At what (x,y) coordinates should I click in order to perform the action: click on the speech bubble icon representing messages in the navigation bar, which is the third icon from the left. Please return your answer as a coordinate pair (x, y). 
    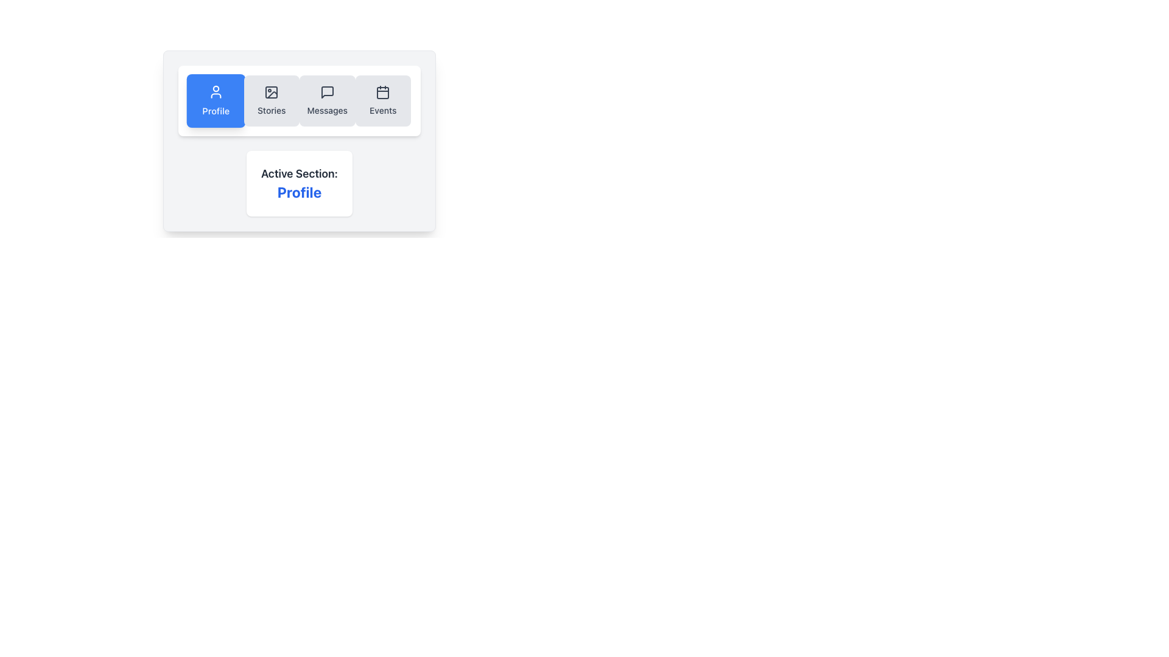
    Looking at the image, I should click on (327, 91).